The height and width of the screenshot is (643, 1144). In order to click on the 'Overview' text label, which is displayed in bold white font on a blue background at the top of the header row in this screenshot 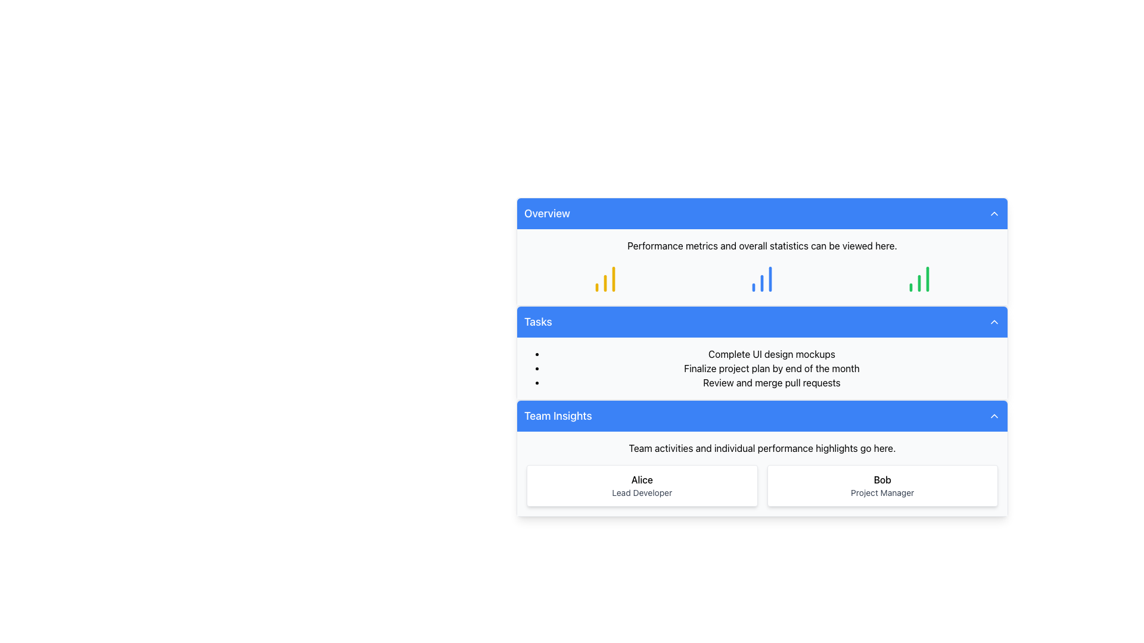, I will do `click(546, 213)`.